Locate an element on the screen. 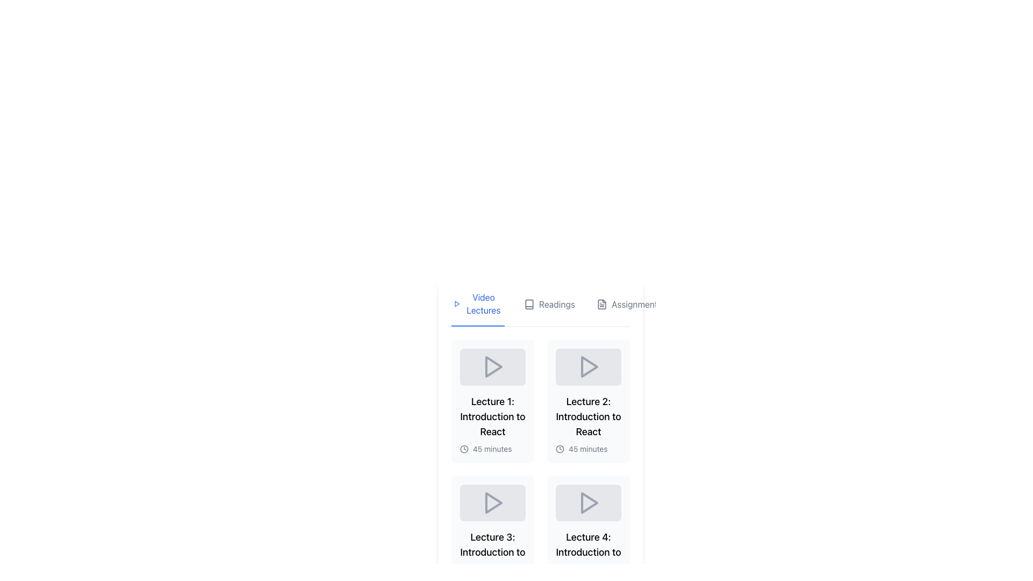 The height and width of the screenshot is (581, 1033). the duration indicated by the text label showing '45 minutes' with a clock icon, located below the 'Lecture 2: Introduction to React' text is located at coordinates (588, 448).